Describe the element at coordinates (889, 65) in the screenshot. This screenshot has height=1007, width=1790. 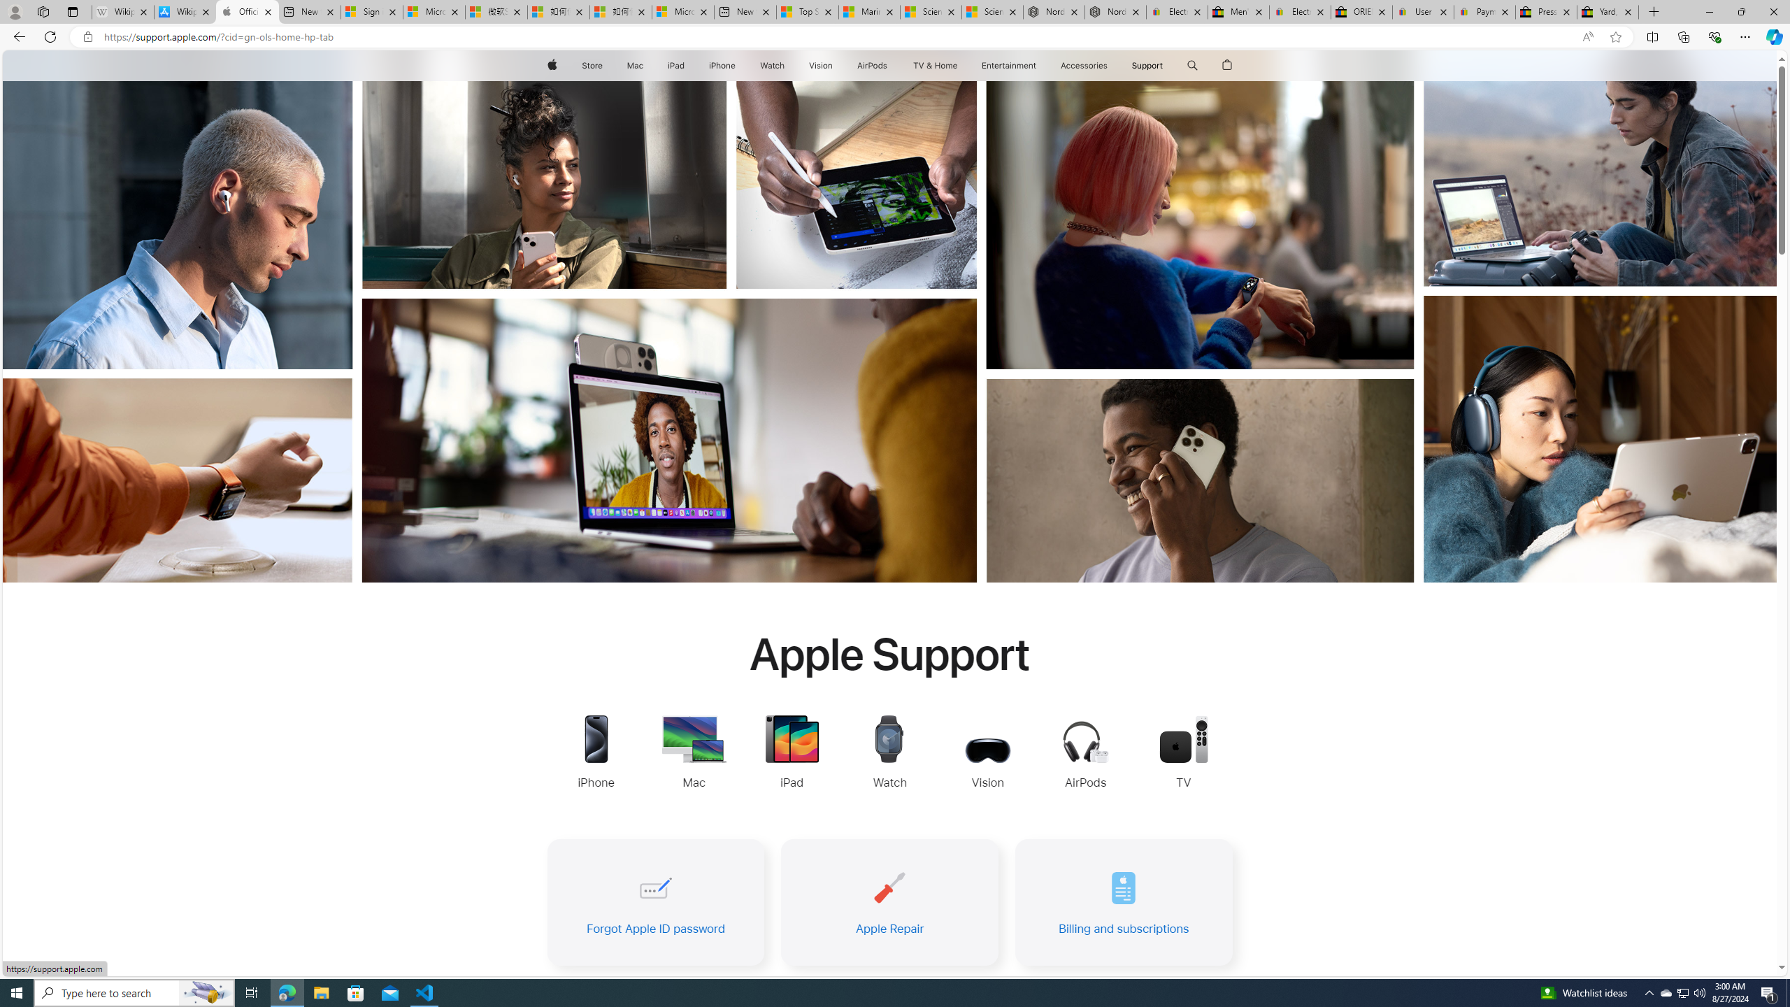
I see `'AirPods menu'` at that location.